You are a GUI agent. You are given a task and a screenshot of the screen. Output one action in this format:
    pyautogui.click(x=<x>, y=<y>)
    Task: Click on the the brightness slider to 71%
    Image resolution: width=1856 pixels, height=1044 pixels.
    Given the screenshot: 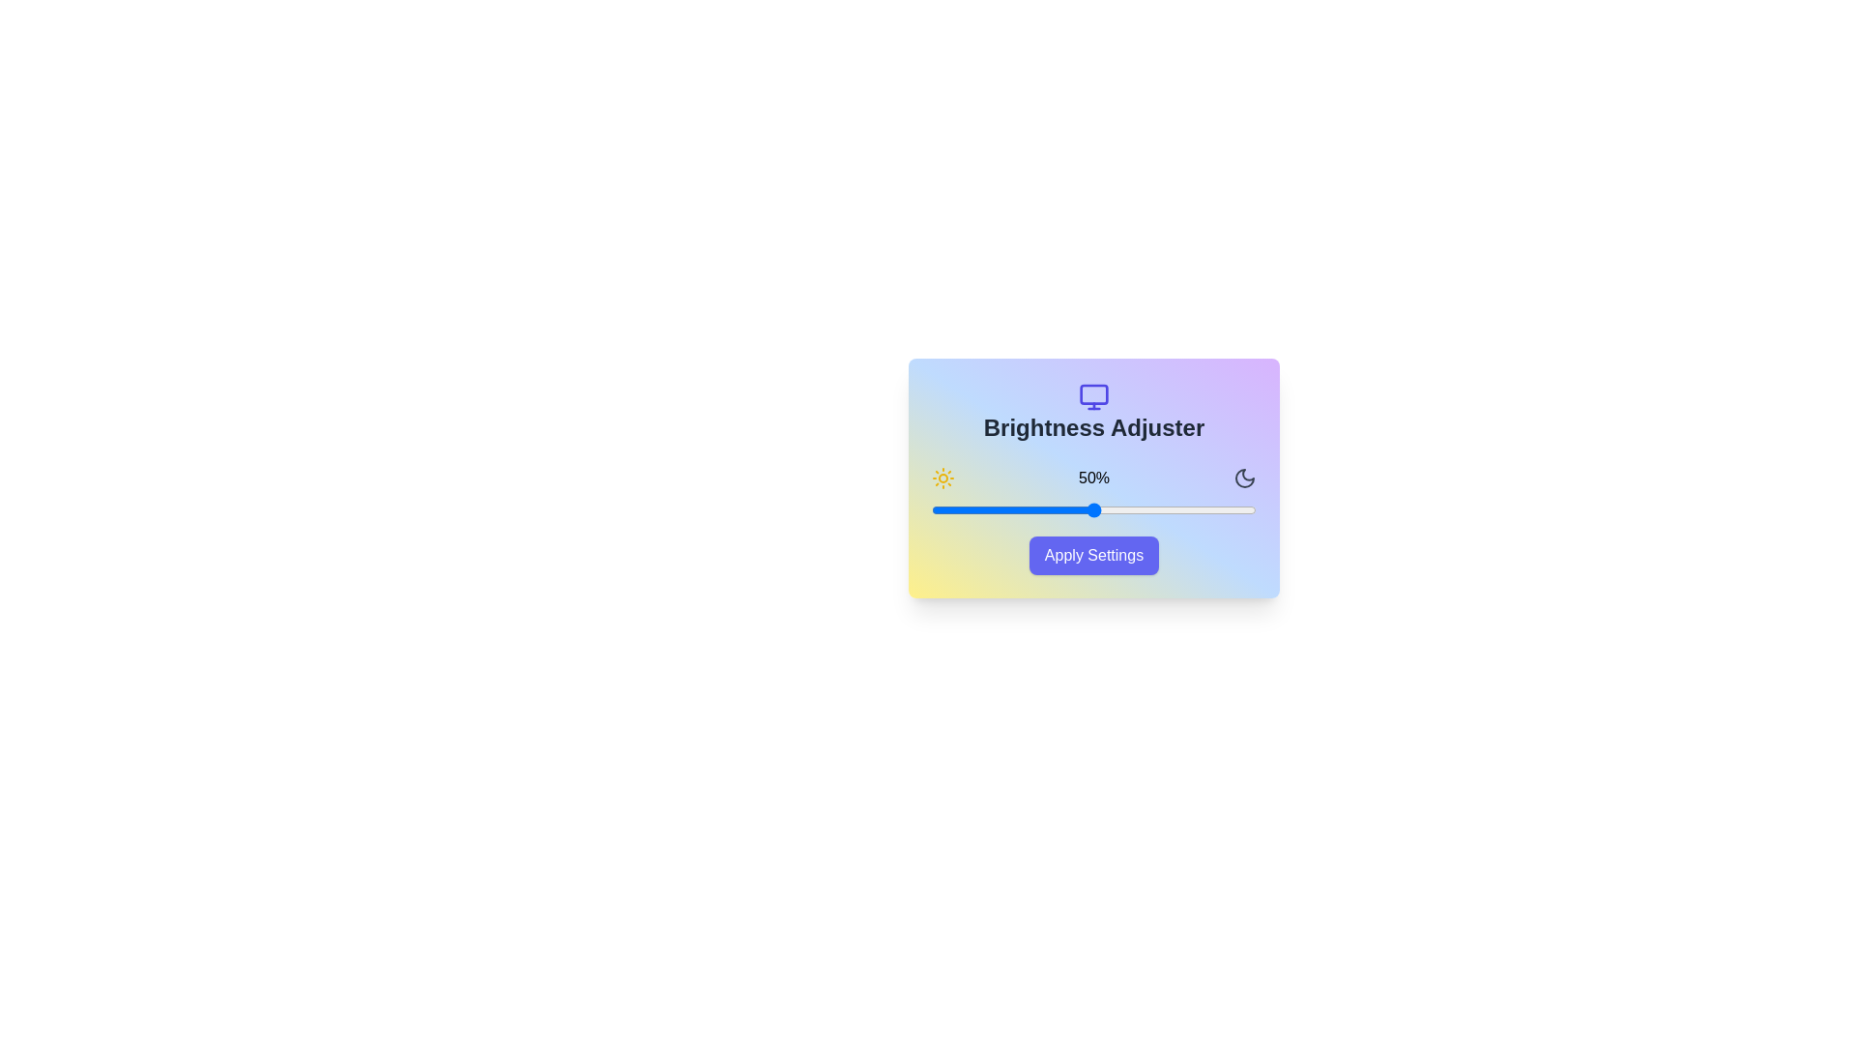 What is the action you would take?
    pyautogui.click(x=1161, y=509)
    